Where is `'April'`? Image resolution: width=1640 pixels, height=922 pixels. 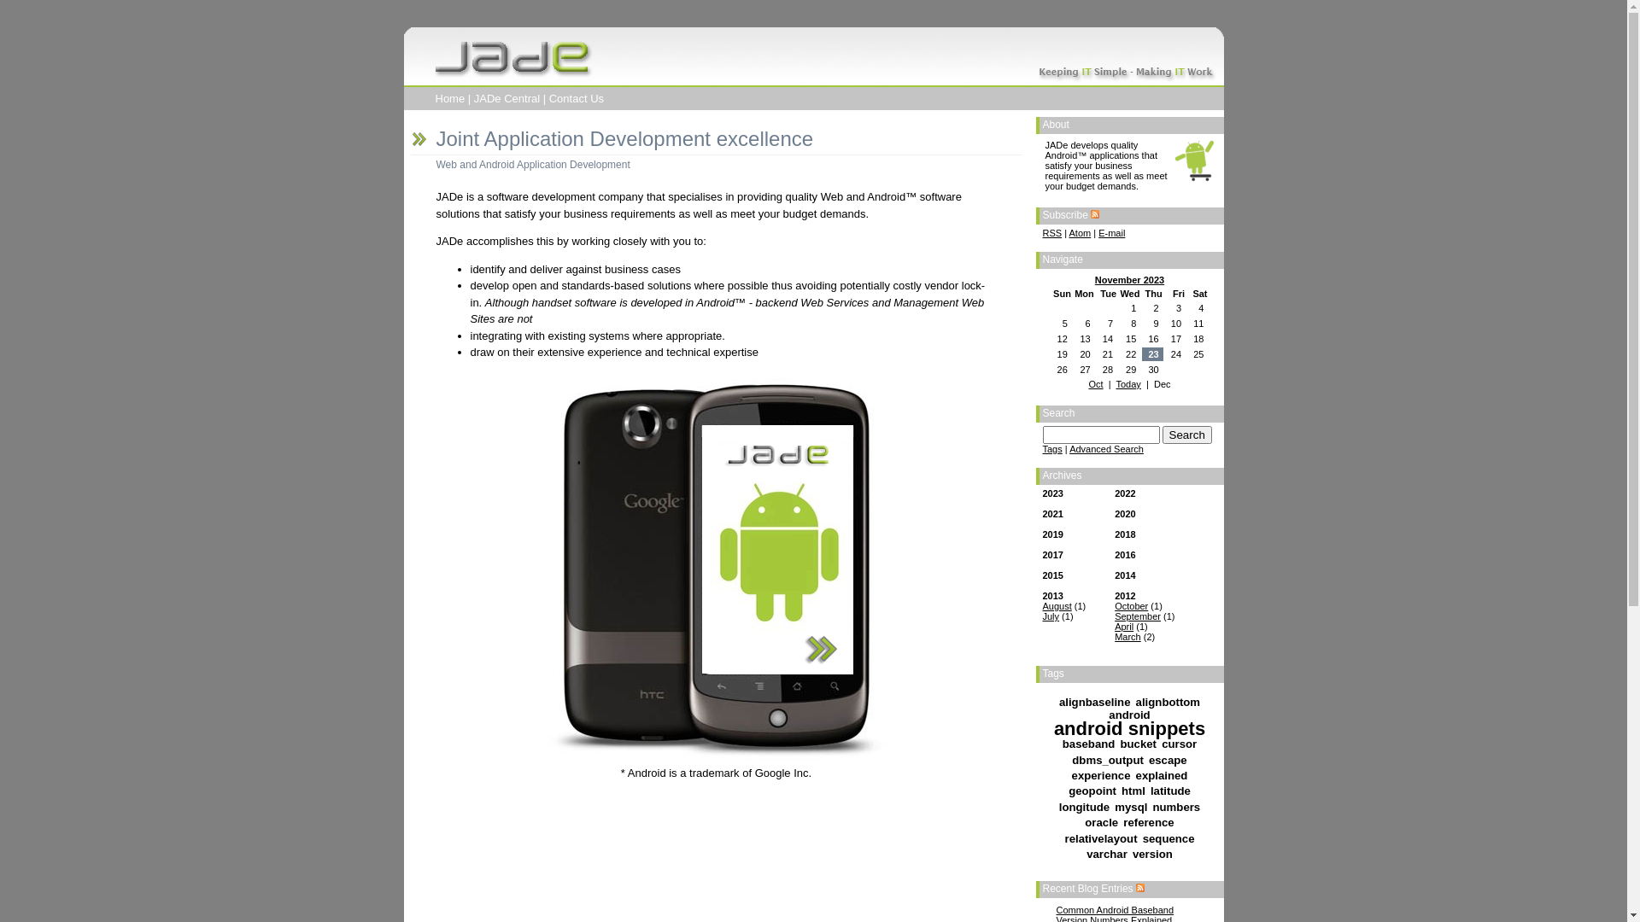 'April' is located at coordinates (1123, 626).